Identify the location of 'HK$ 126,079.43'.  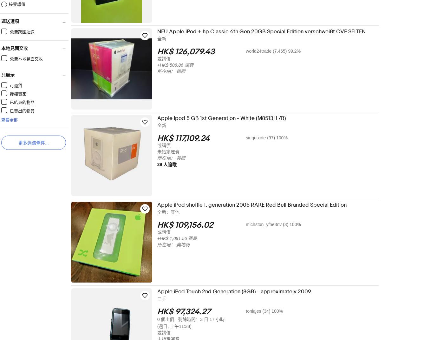
(190, 51).